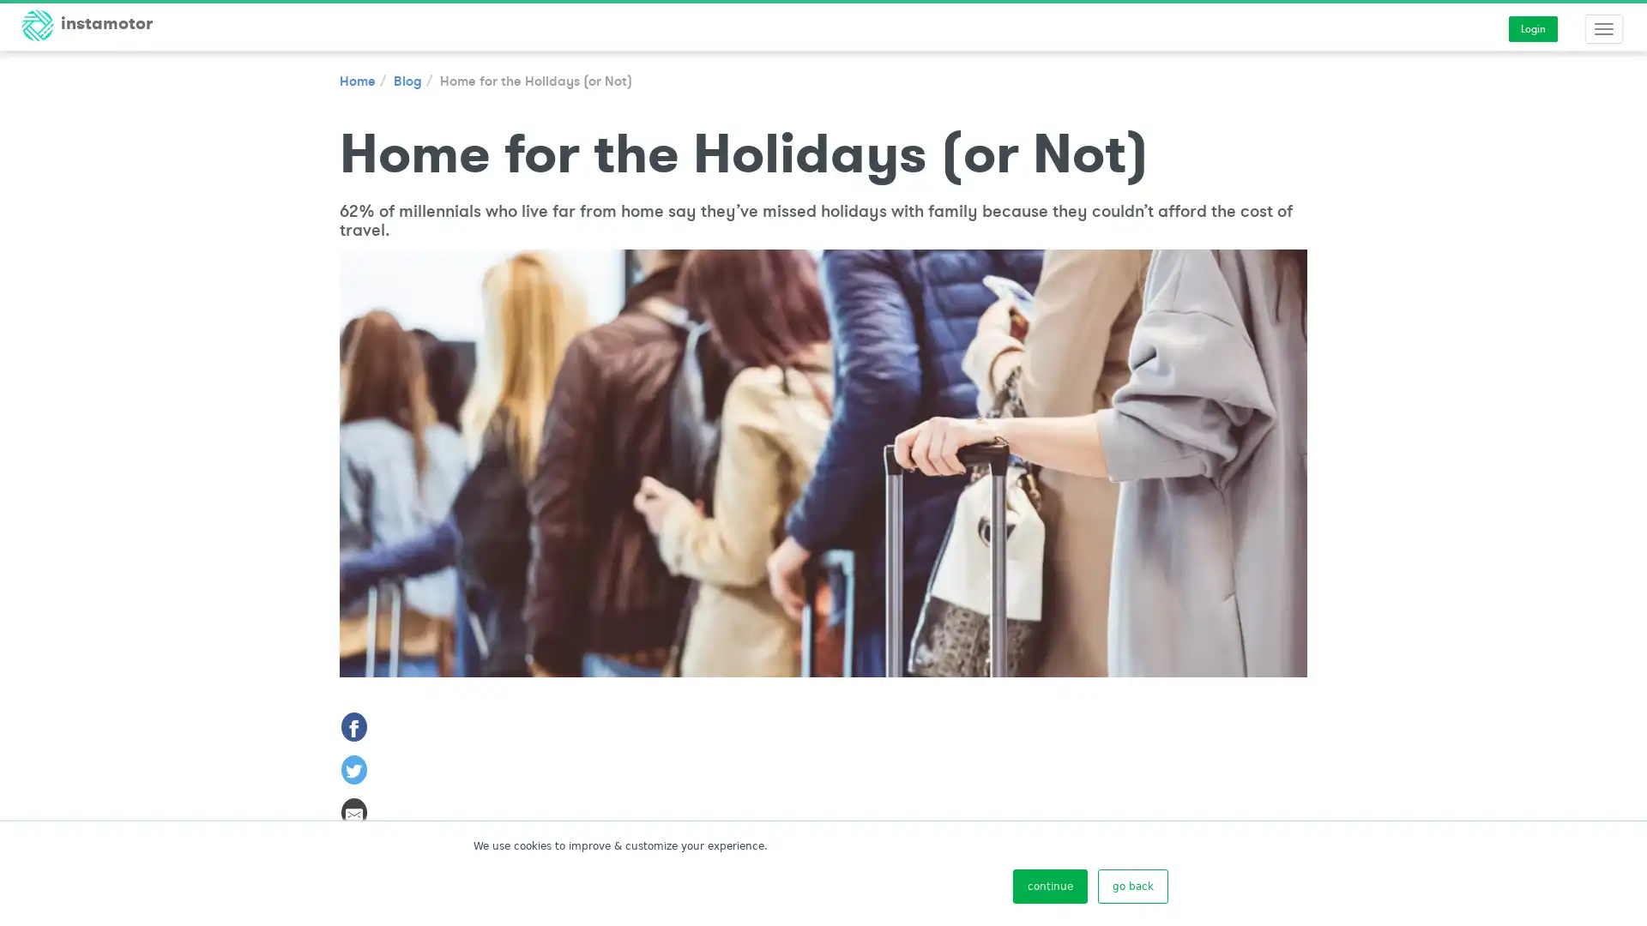 The image size is (1647, 926). Describe the element at coordinates (1049, 886) in the screenshot. I see `continue` at that location.